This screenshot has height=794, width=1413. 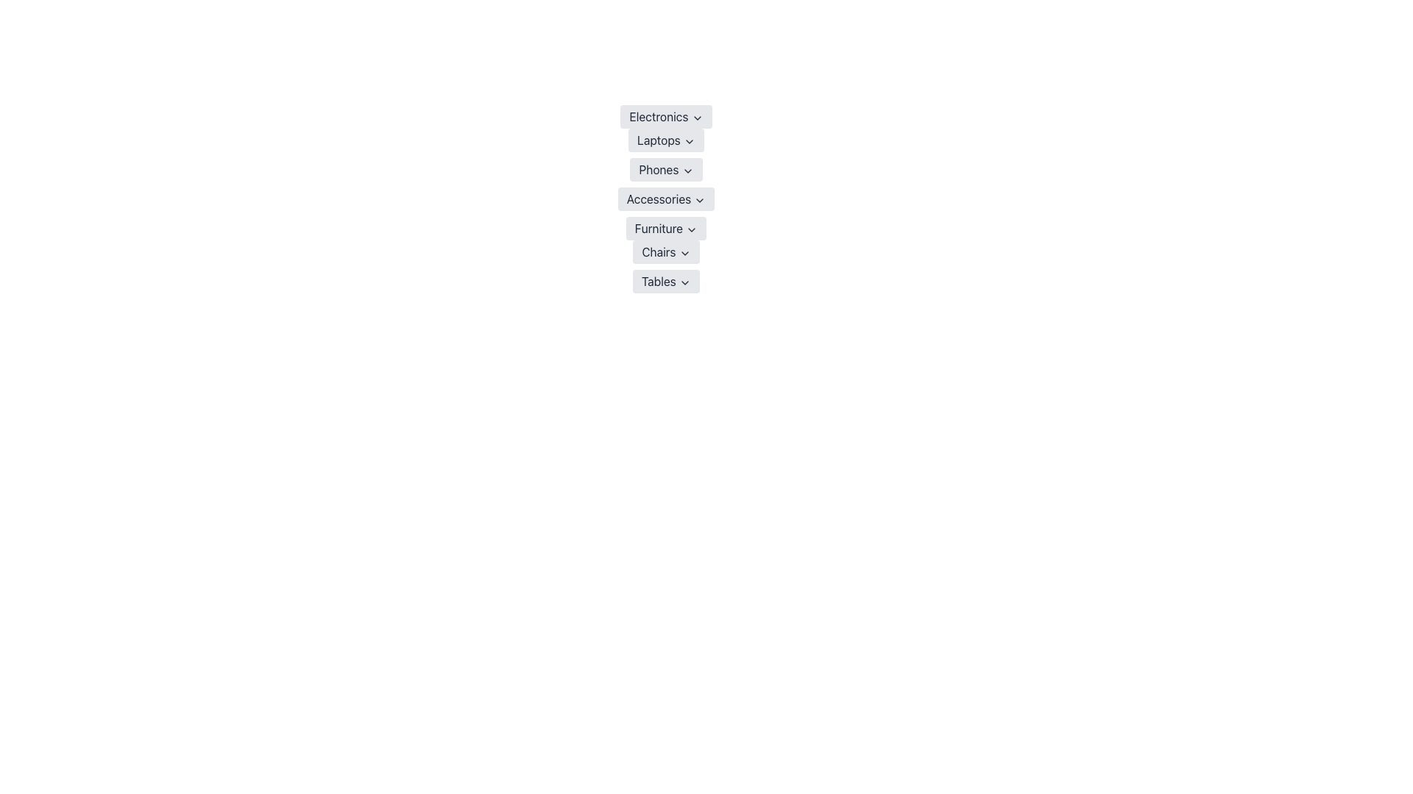 What do you see at coordinates (696, 117) in the screenshot?
I see `the Dropdown indicator icon located at the far right side of the 'Electronics' button` at bounding box center [696, 117].